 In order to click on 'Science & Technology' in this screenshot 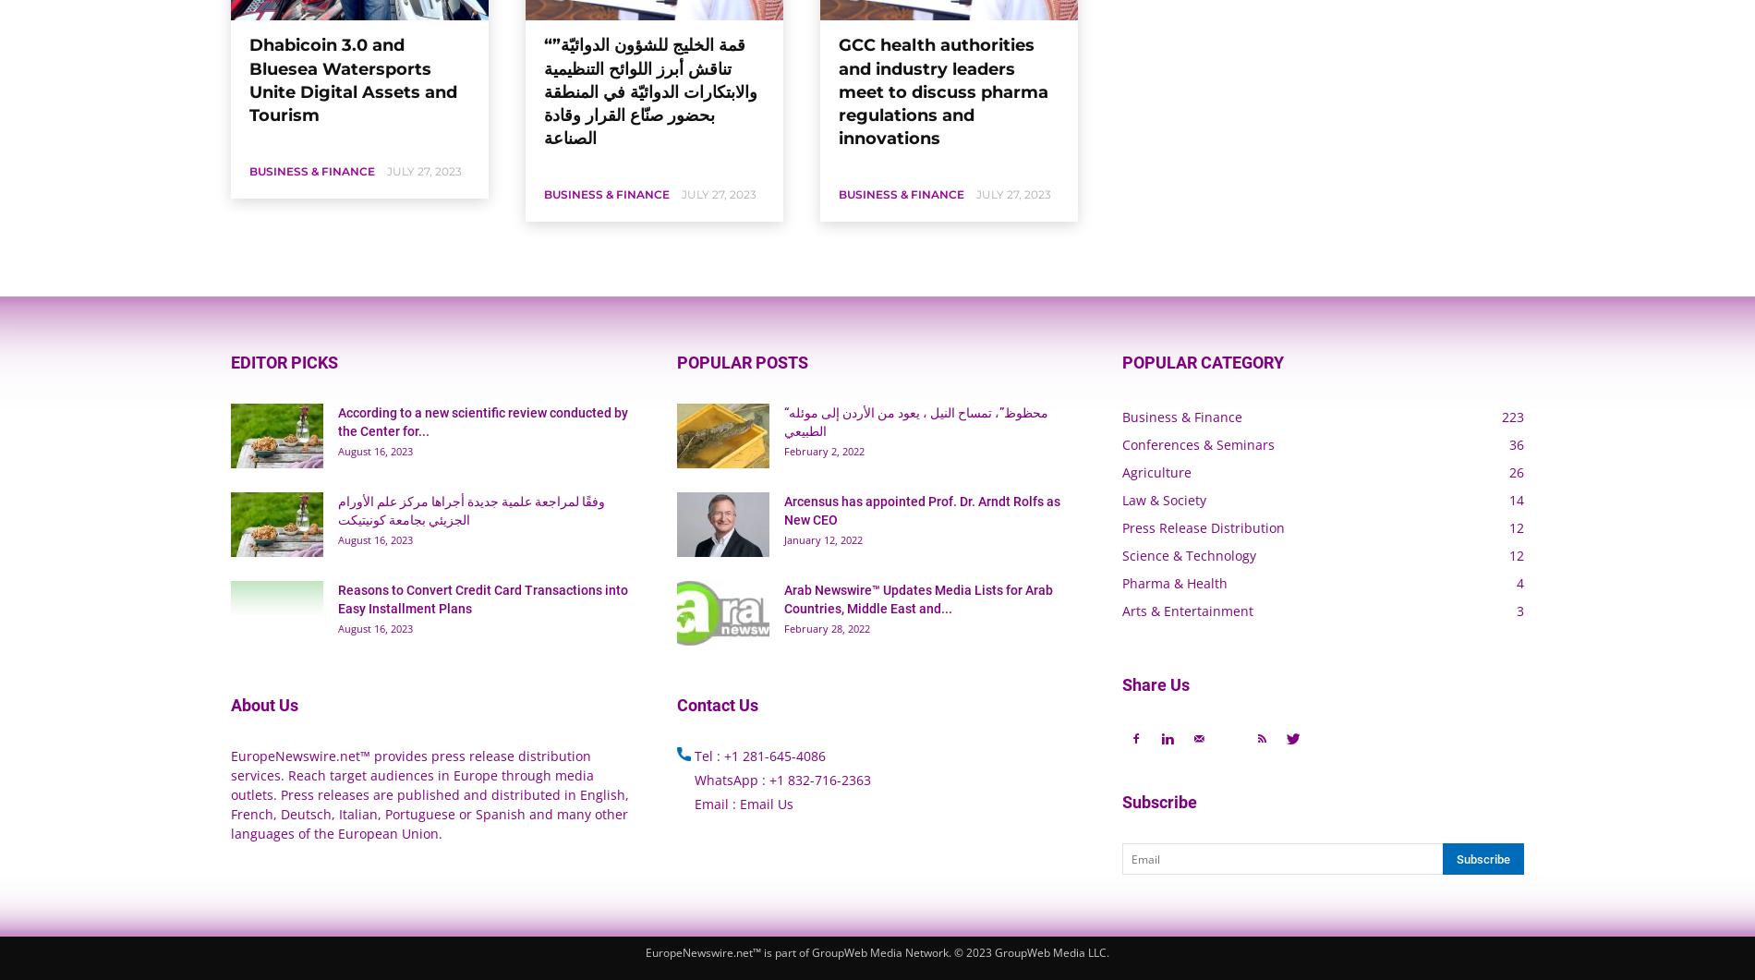, I will do `click(1188, 554)`.